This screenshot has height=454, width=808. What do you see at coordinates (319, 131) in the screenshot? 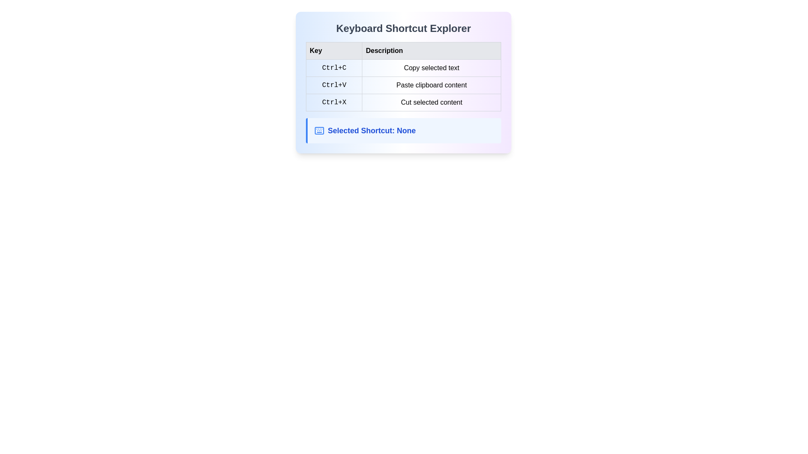
I see `the blue keyboard icon with rounded corners that precedes the text 'Selected Shortcut: None'` at bounding box center [319, 131].